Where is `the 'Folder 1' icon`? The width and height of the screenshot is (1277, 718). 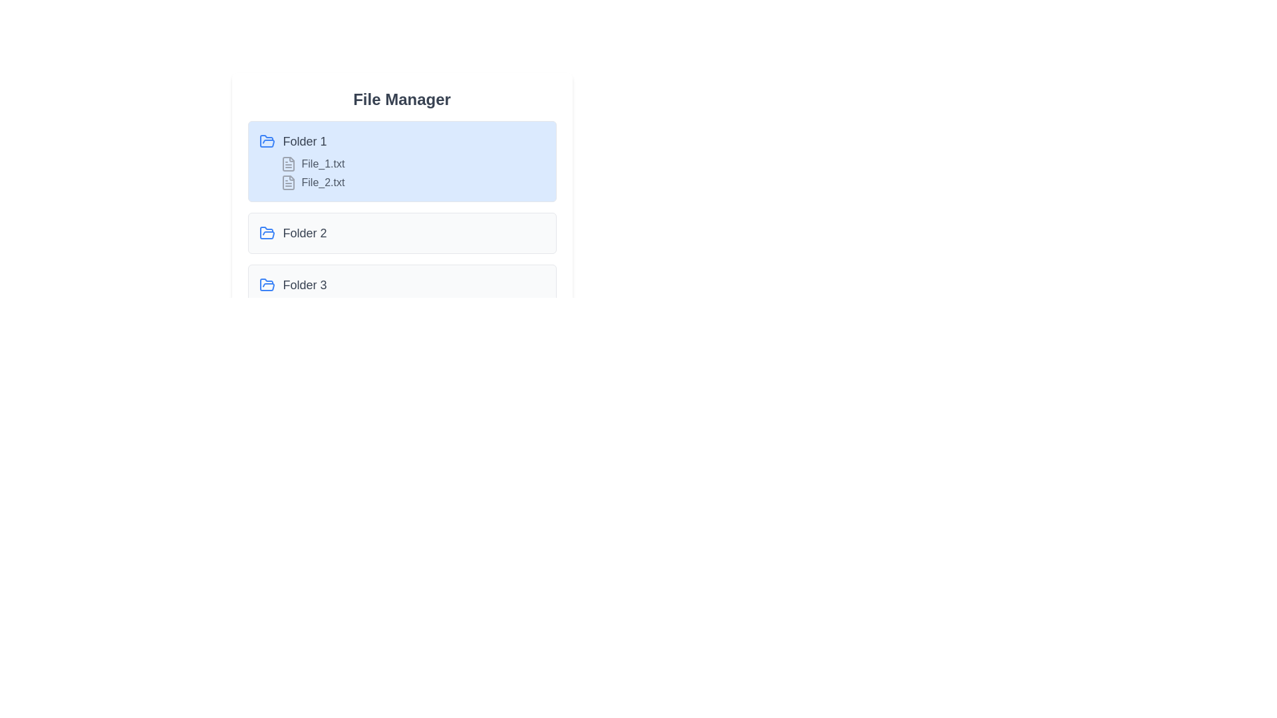 the 'Folder 1' icon is located at coordinates (266, 141).